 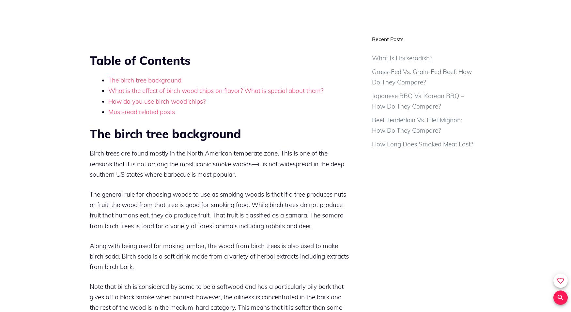 What do you see at coordinates (217, 164) in the screenshot?
I see `'Birch trees are found mostly in the North American temperate zone. This is one of the reasons that it is not among the most iconic smoke woods—it is not widespread in the deep southern US states where barbecue is most popular.'` at bounding box center [217, 164].